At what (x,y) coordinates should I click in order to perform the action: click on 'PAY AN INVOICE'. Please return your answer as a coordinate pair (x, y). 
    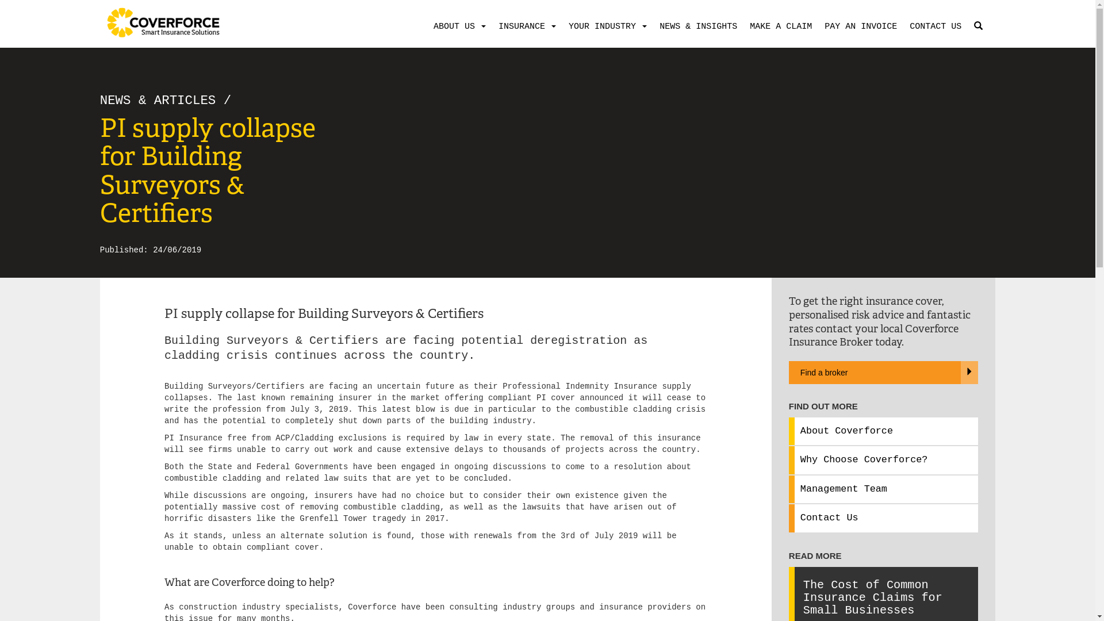
    Looking at the image, I should click on (858, 26).